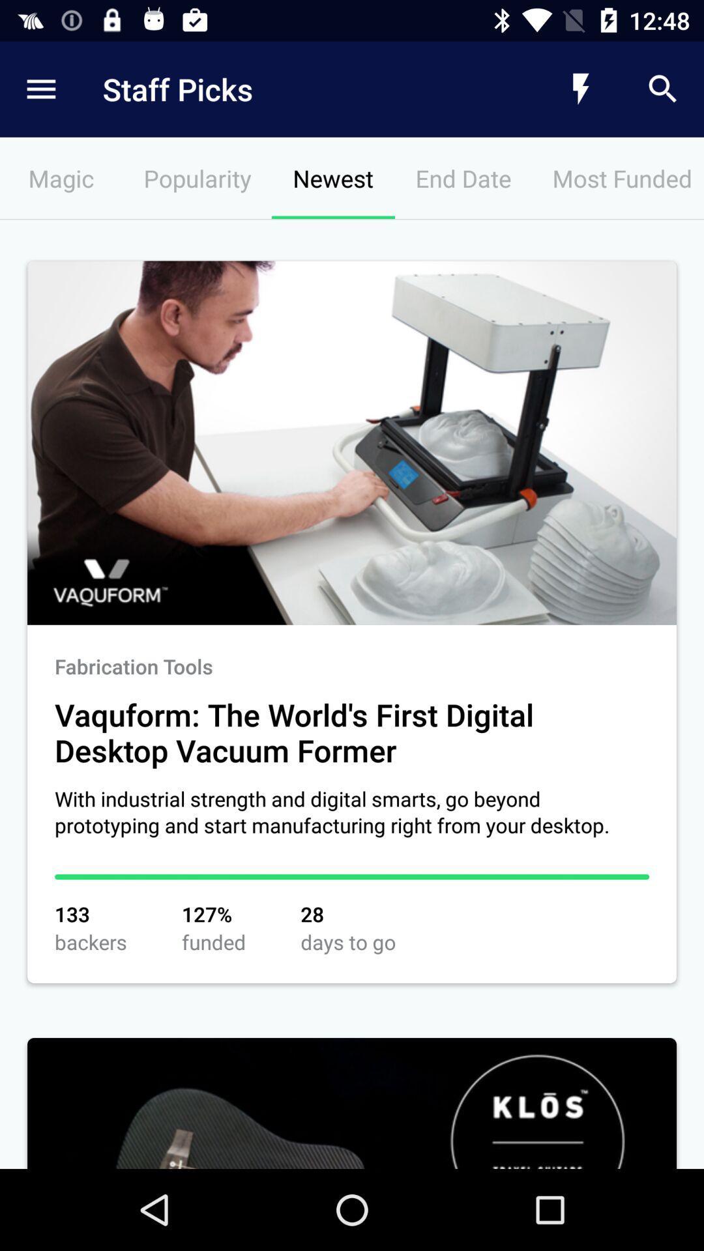  Describe the element at coordinates (297, 89) in the screenshot. I see `the staff picks icon` at that location.